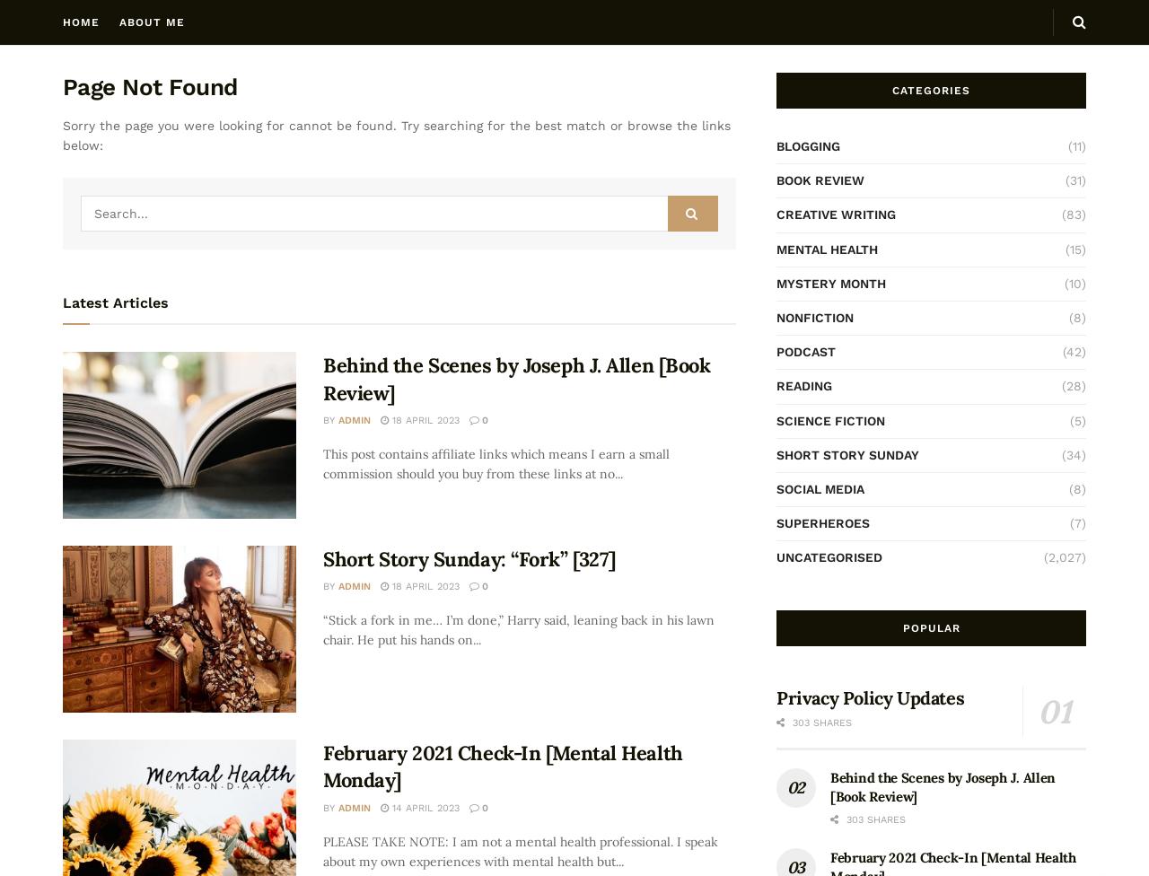 The width and height of the screenshot is (1149, 876). Describe the element at coordinates (835, 214) in the screenshot. I see `'Creative Writing'` at that location.